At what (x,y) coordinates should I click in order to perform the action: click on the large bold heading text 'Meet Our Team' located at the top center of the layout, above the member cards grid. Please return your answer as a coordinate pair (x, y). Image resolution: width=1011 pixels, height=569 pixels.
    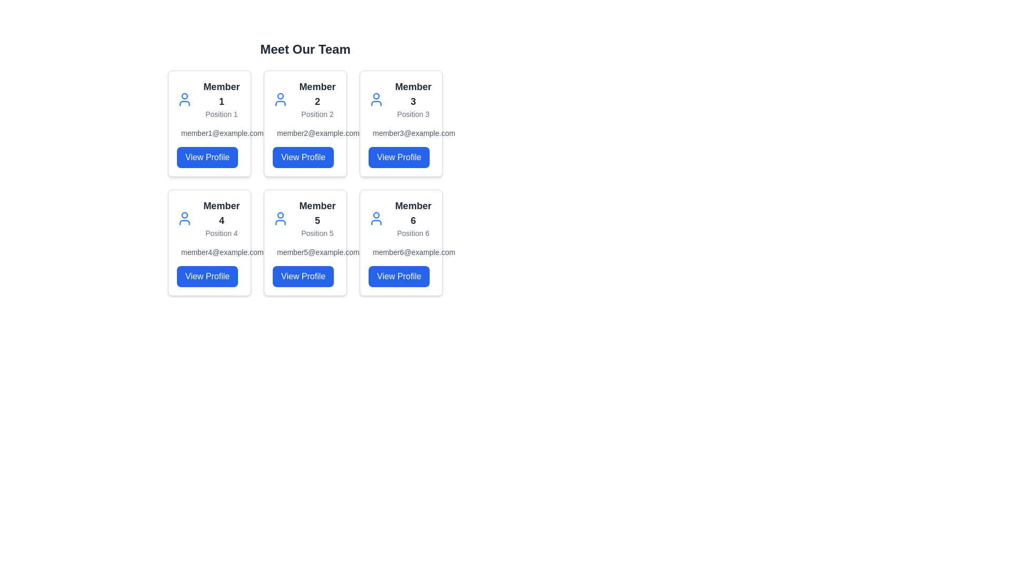
    Looking at the image, I should click on (305, 49).